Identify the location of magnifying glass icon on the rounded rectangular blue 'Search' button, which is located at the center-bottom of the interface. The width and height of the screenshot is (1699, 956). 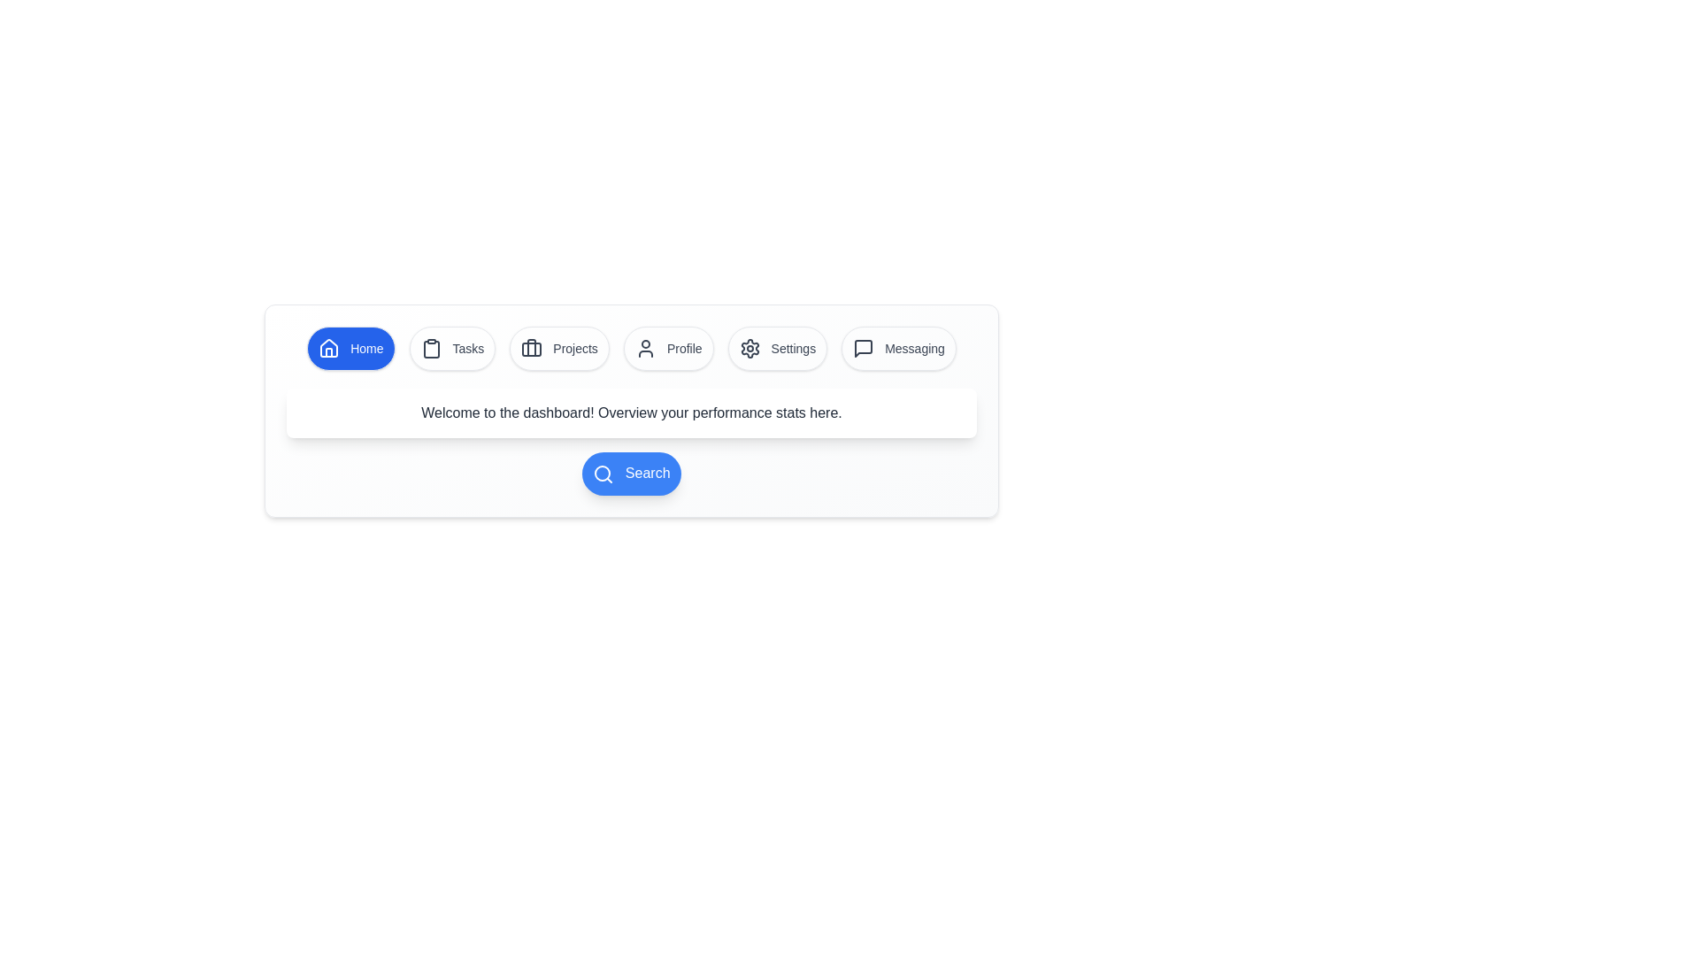
(632, 473).